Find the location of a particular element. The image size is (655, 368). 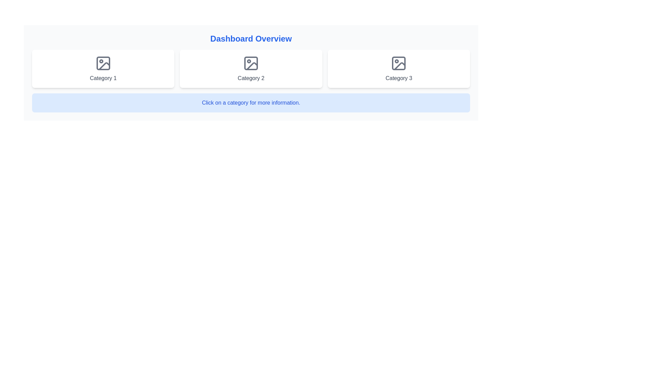

the text display element that shows 'Category 3', located inside a white box with rounded corners, positioned beneath an icon in the Dashboard Overview section is located at coordinates (399, 78).